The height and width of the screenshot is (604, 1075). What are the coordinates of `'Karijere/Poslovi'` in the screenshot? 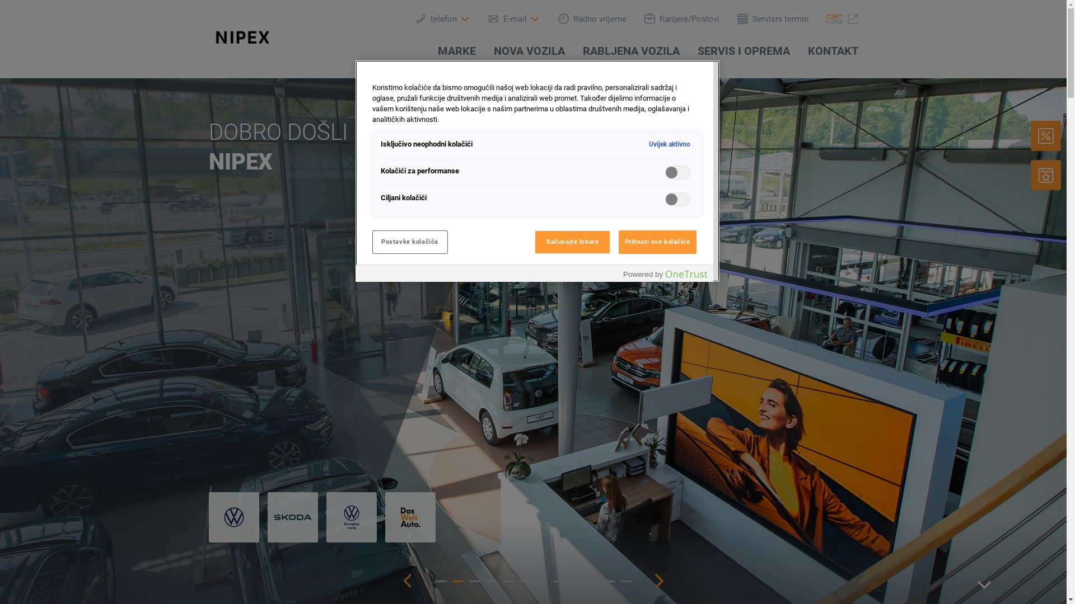 It's located at (681, 18).